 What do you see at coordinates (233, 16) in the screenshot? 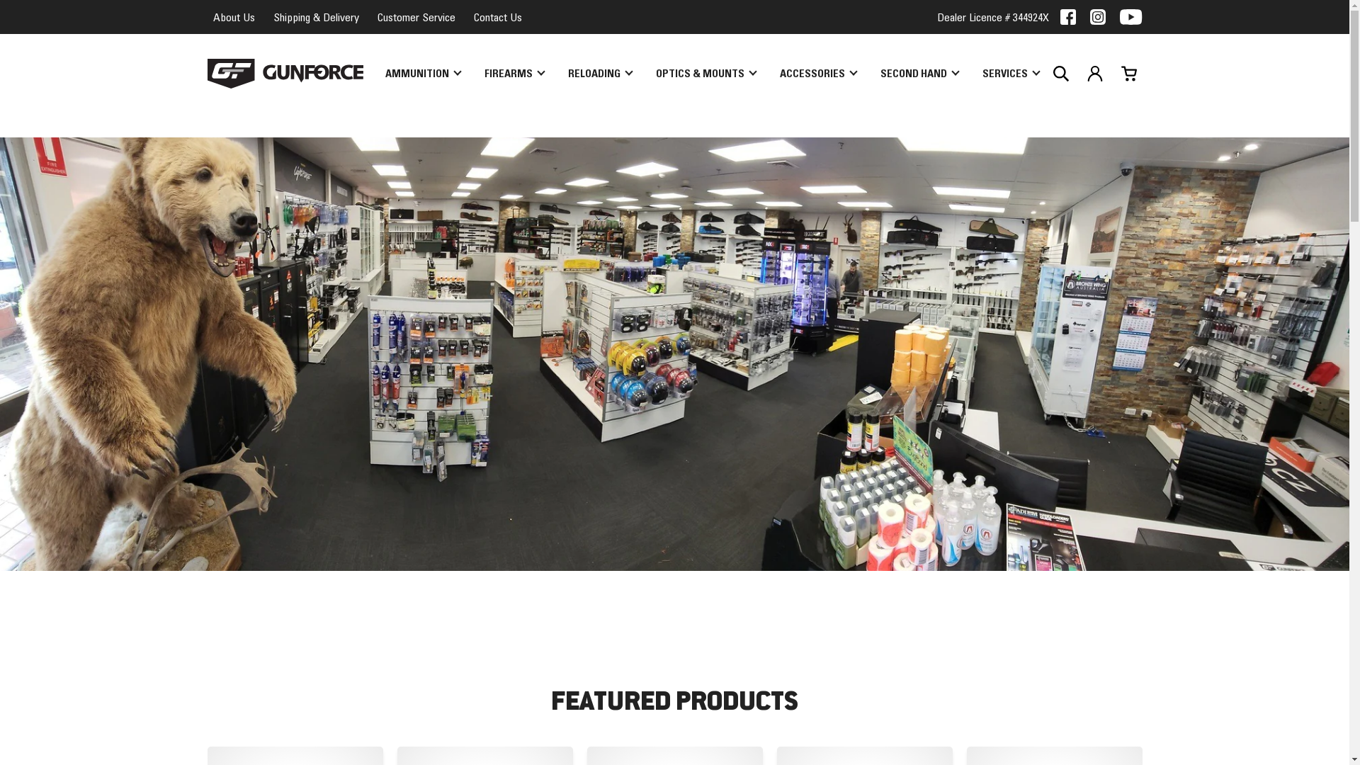
I see `'About Us'` at bounding box center [233, 16].